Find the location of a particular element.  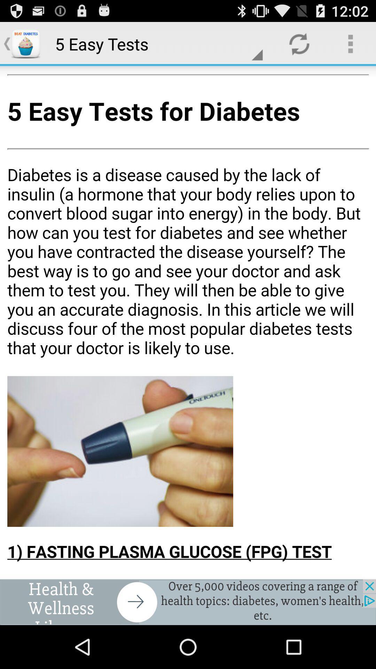

advertisement banner is located at coordinates (188, 602).